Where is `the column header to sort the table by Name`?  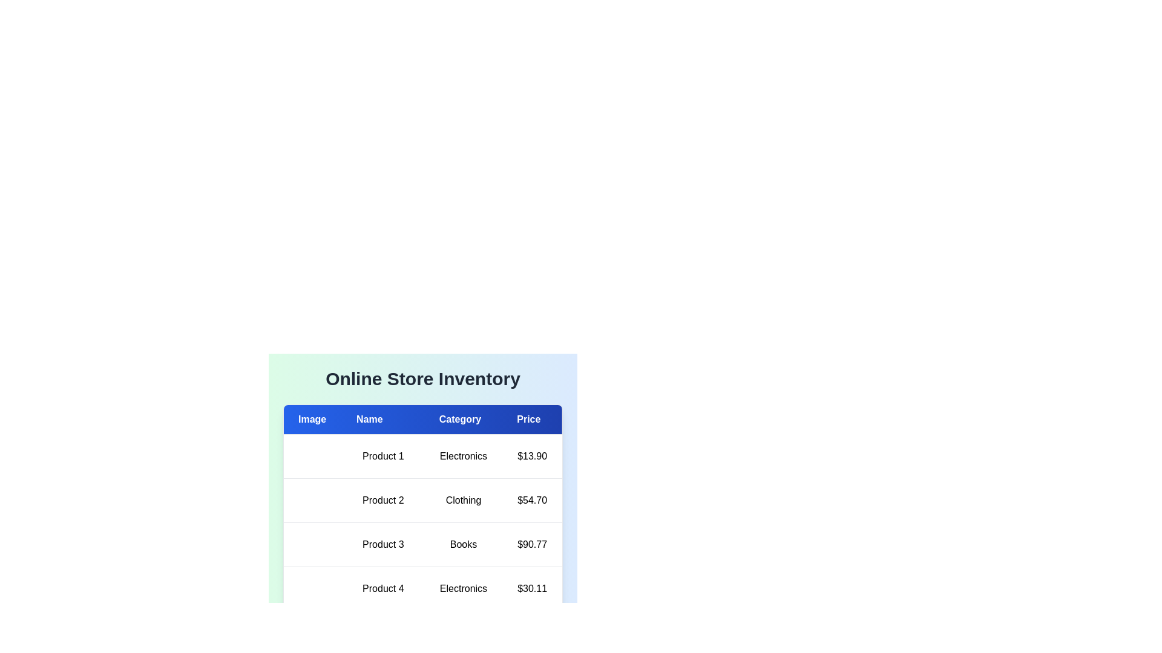 the column header to sort the table by Name is located at coordinates (382, 419).